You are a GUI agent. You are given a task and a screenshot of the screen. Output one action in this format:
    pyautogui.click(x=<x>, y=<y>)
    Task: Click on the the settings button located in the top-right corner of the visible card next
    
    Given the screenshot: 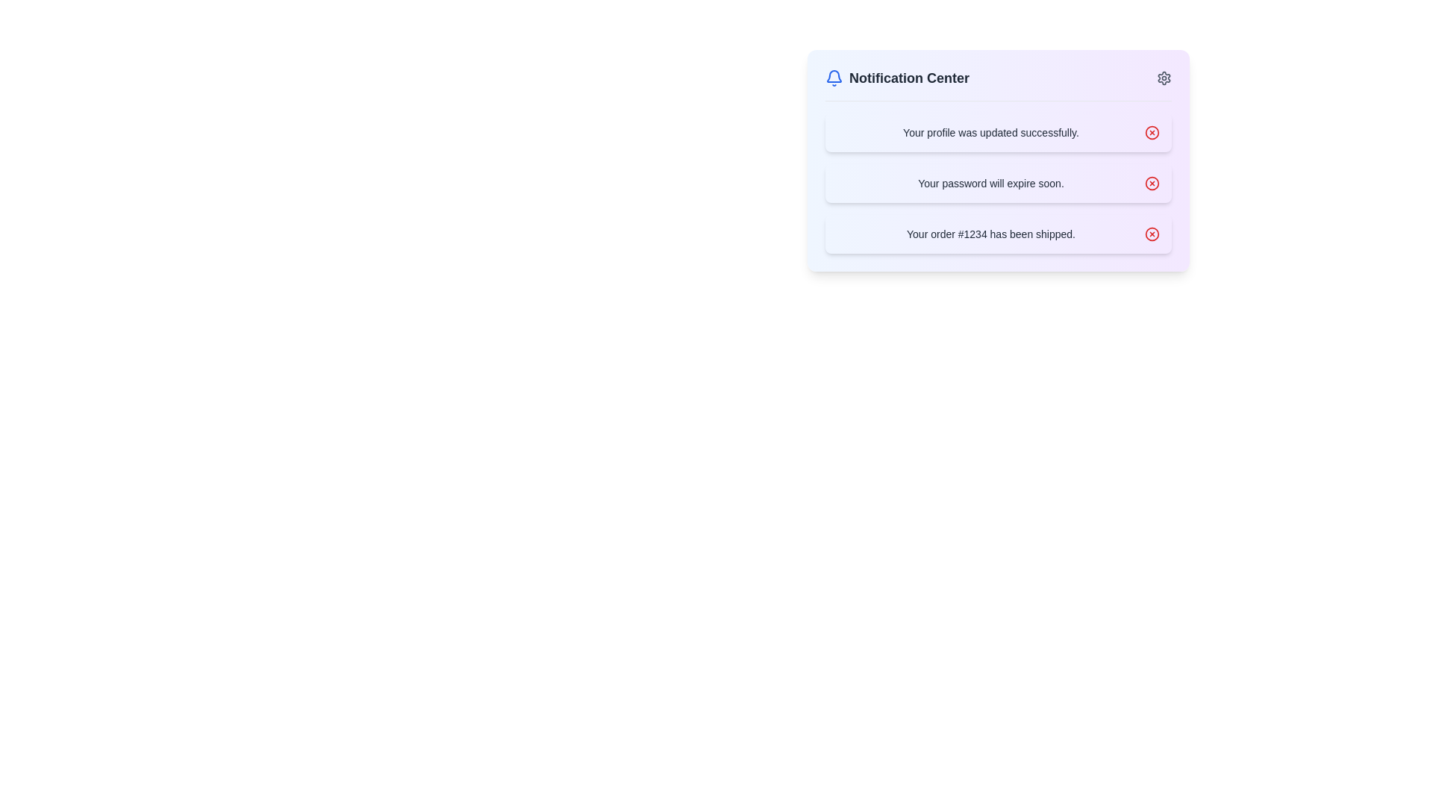 What is the action you would take?
    pyautogui.click(x=1164, y=78)
    